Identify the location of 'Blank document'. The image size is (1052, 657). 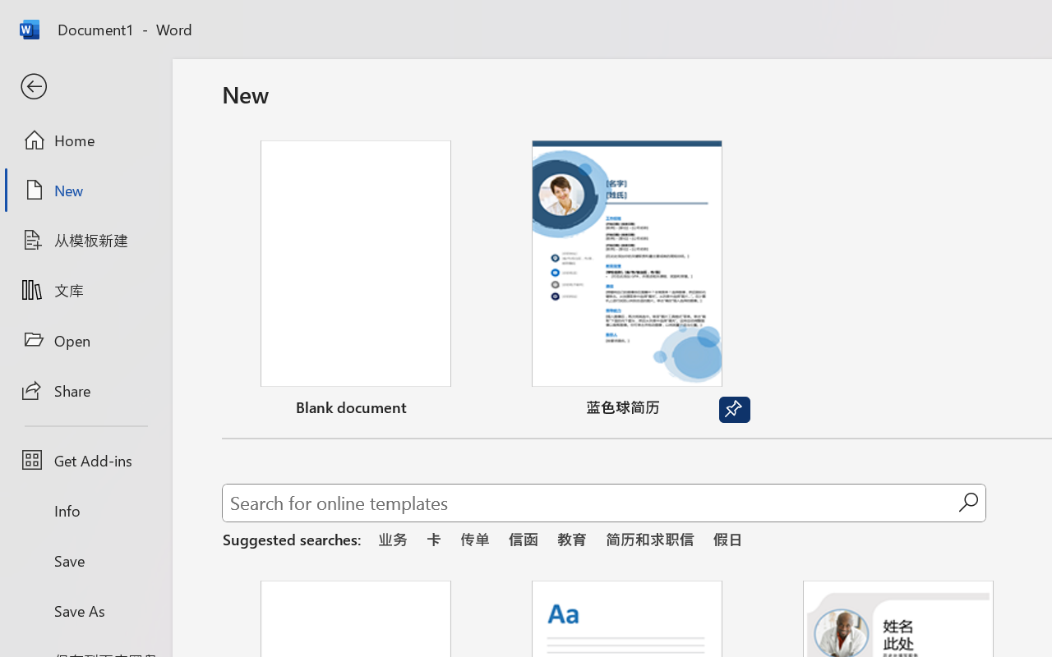
(355, 282).